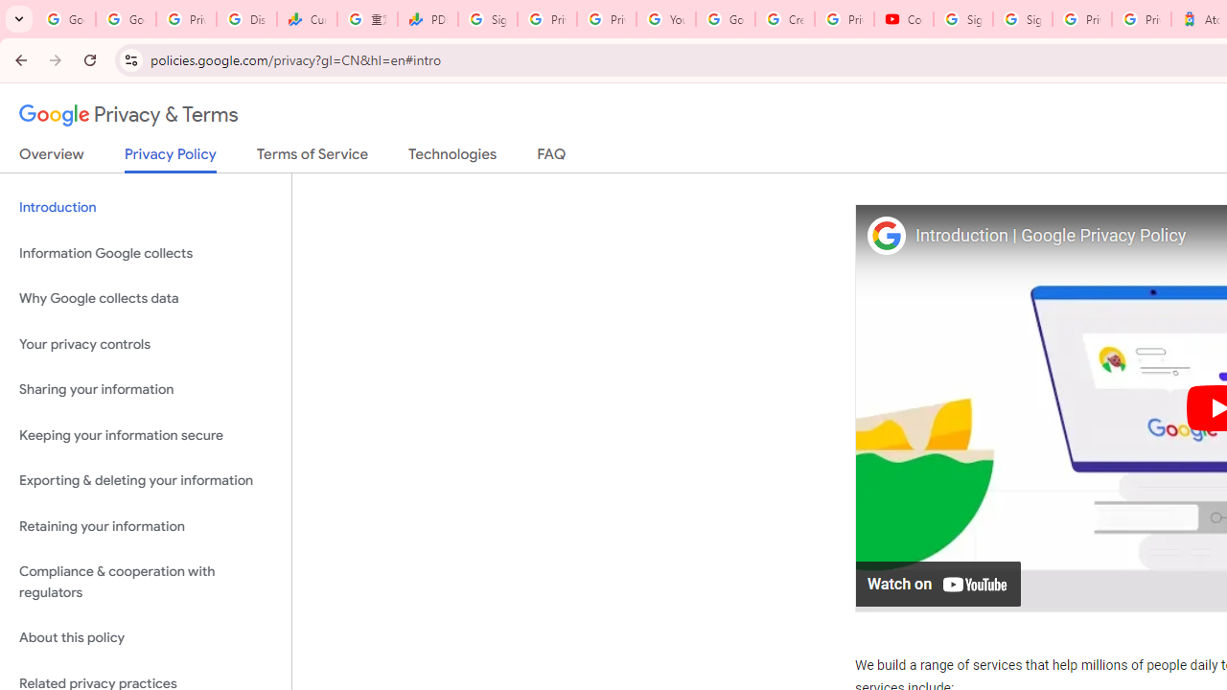 Image resolution: width=1227 pixels, height=690 pixels. I want to click on 'YouTube', so click(666, 19).